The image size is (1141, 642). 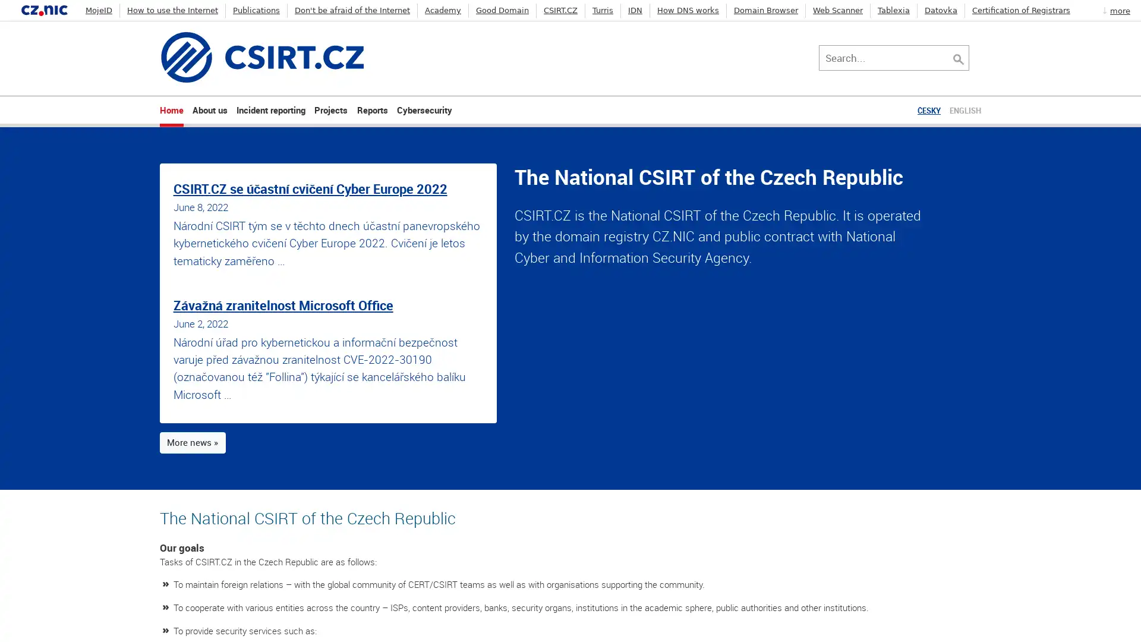 What do you see at coordinates (970, 57) in the screenshot?
I see `Search button` at bounding box center [970, 57].